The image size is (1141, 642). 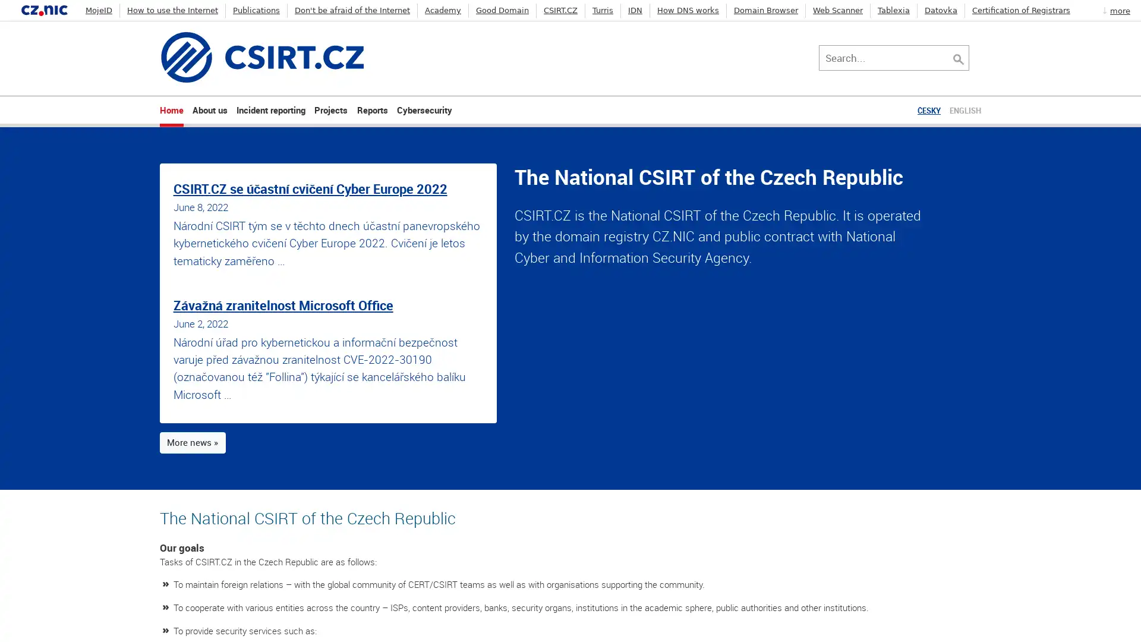 What do you see at coordinates (970, 57) in the screenshot?
I see `Search button` at bounding box center [970, 57].